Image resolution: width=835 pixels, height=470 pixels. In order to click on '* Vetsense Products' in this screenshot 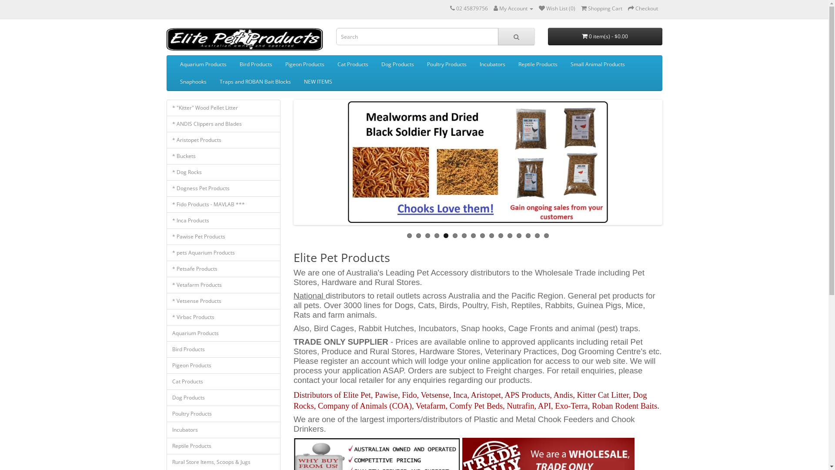, I will do `click(223, 300)`.